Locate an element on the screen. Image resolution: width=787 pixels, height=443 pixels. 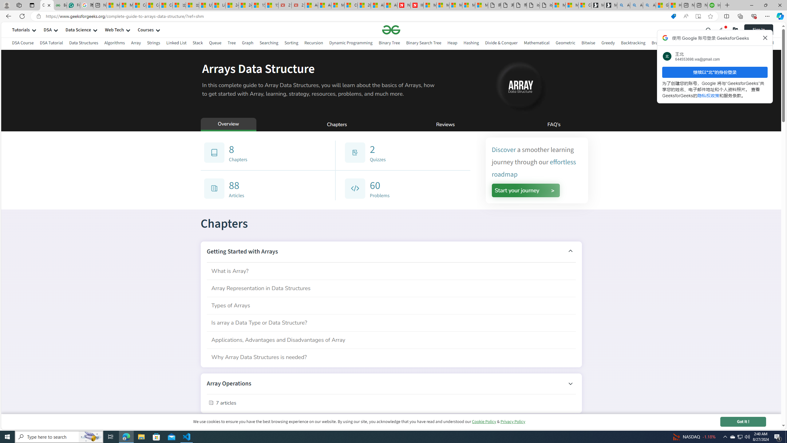
'Cloud Computing Services | Microsoft Azure' is located at coordinates (351, 5).